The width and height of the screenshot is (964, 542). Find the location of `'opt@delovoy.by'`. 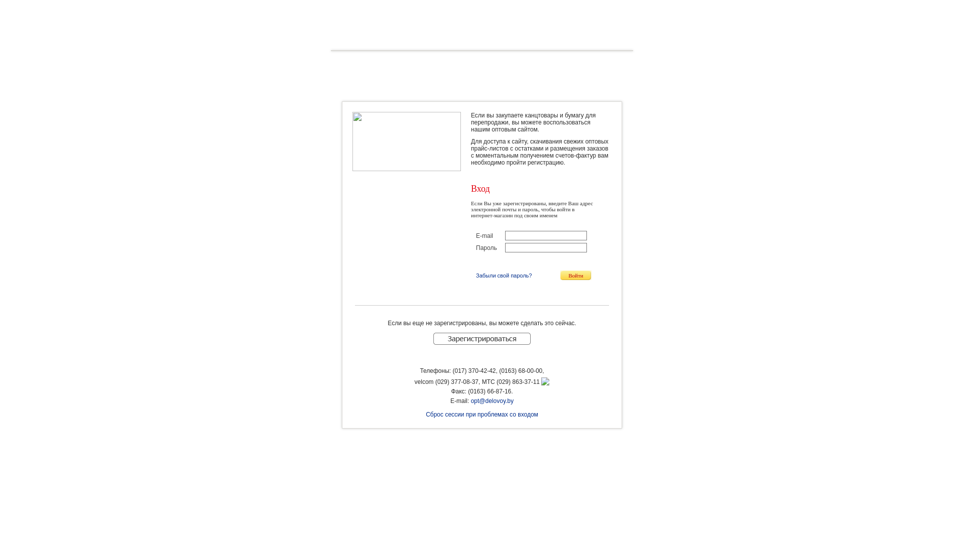

'opt@delovoy.by' is located at coordinates (492, 400).